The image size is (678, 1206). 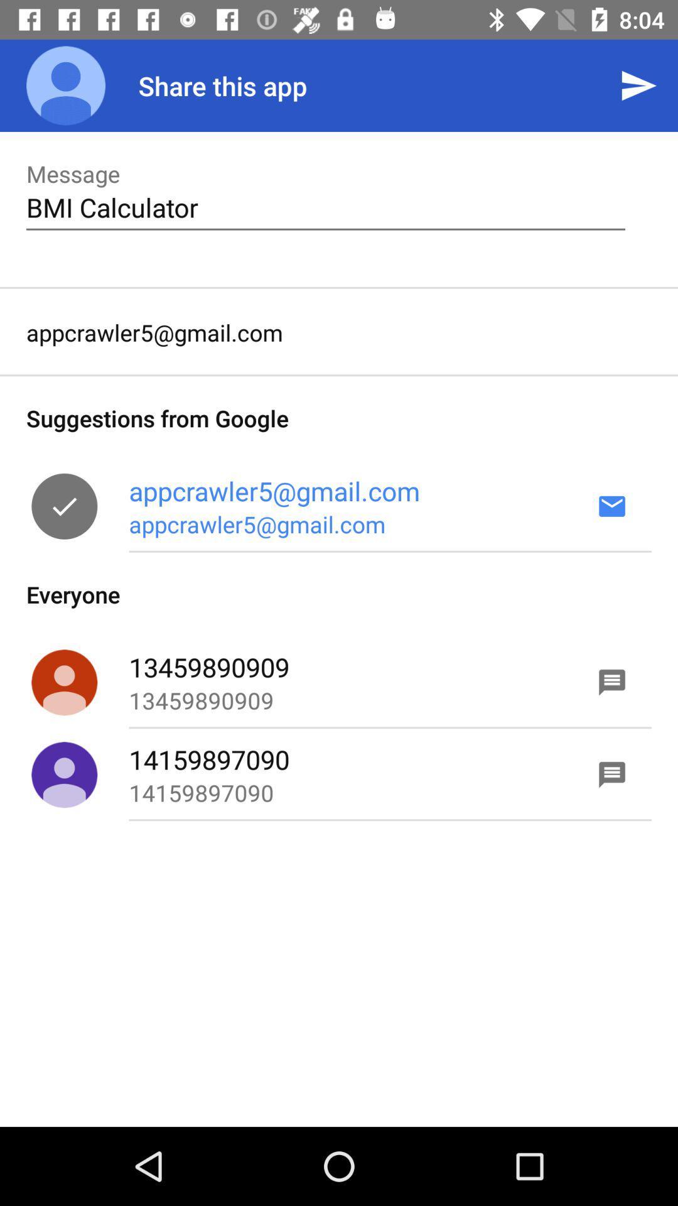 I want to click on item to the right of share this app, so click(x=638, y=85).